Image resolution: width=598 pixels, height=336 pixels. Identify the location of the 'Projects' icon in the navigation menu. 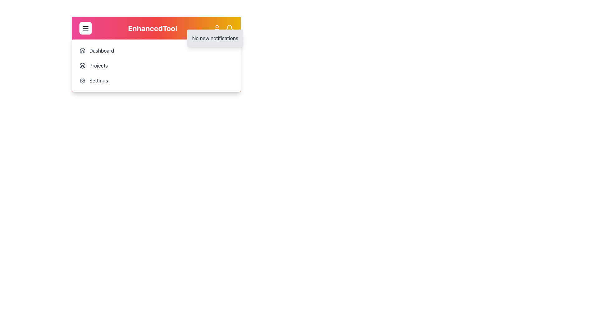
(82, 66).